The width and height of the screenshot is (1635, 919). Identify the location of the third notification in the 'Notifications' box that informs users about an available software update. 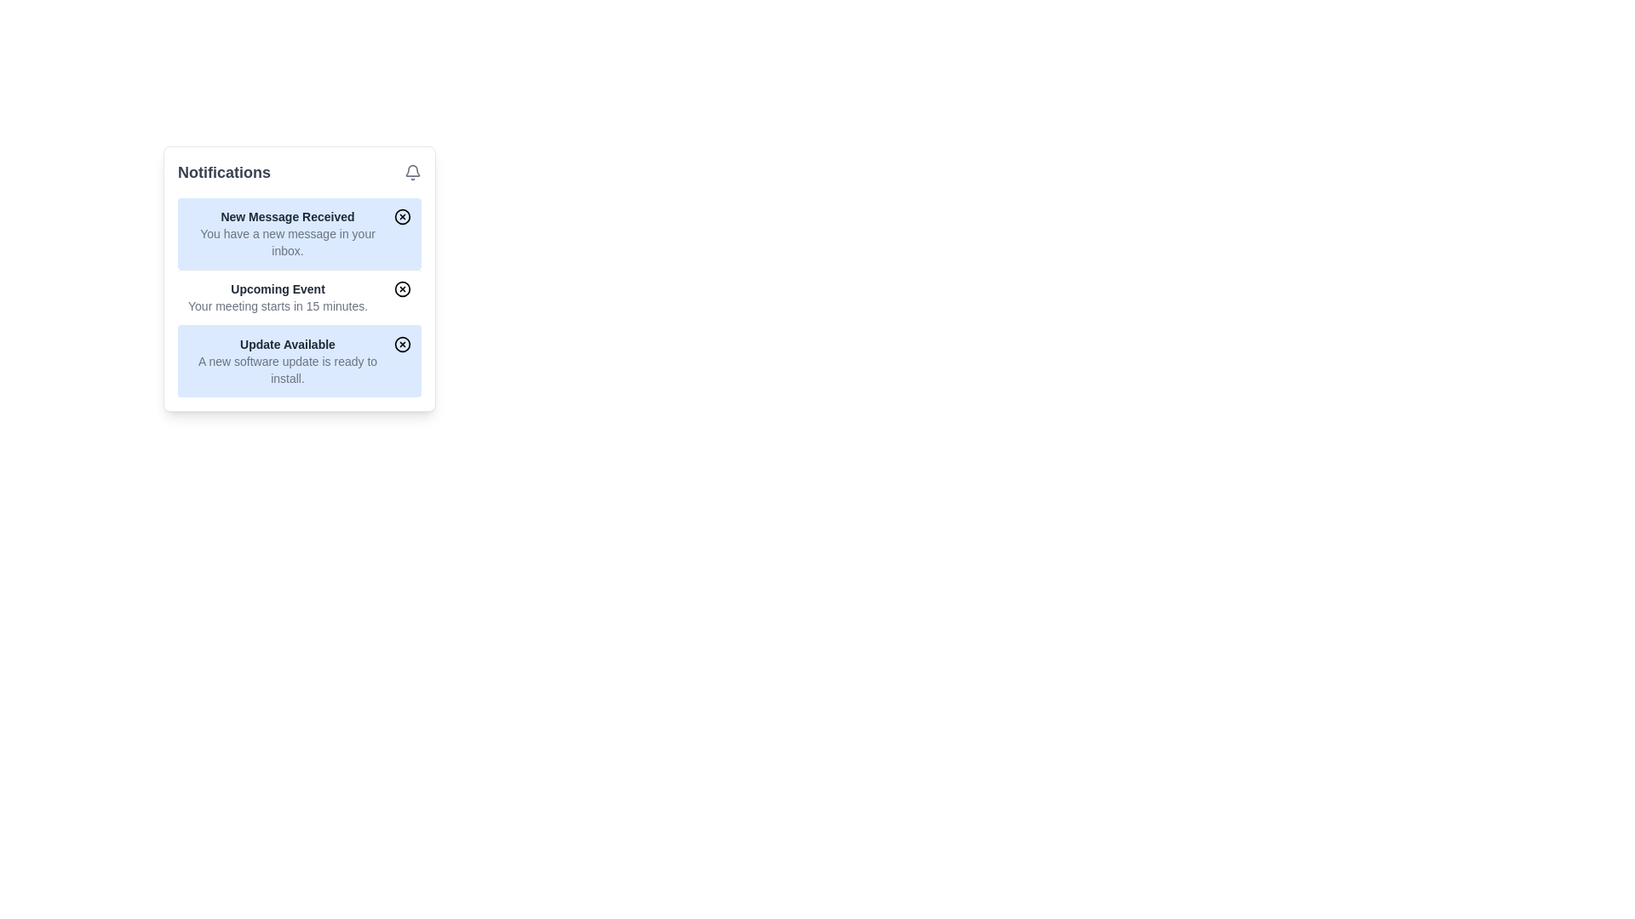
(287, 360).